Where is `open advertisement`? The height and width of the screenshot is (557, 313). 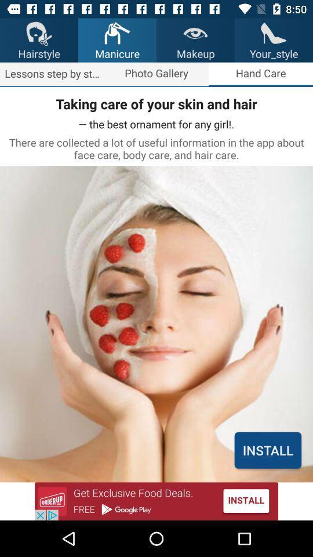 open advertisement is located at coordinates (156, 501).